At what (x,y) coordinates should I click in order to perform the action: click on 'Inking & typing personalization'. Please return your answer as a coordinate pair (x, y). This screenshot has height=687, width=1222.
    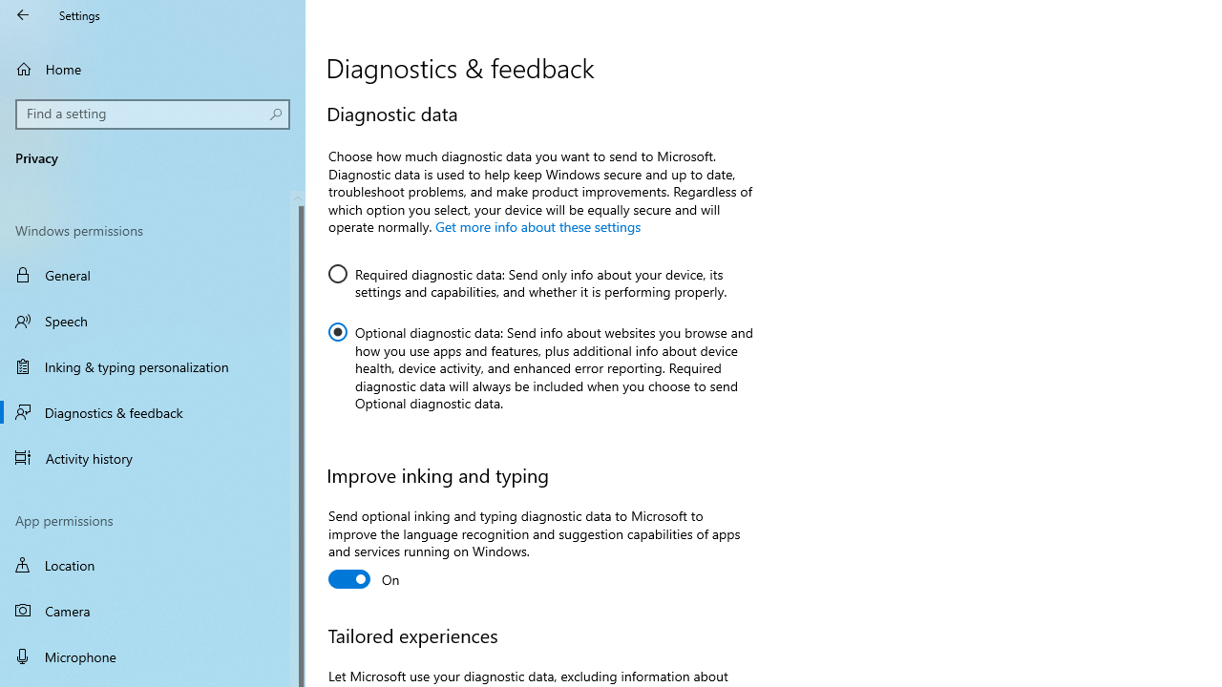
    Looking at the image, I should click on (153, 366).